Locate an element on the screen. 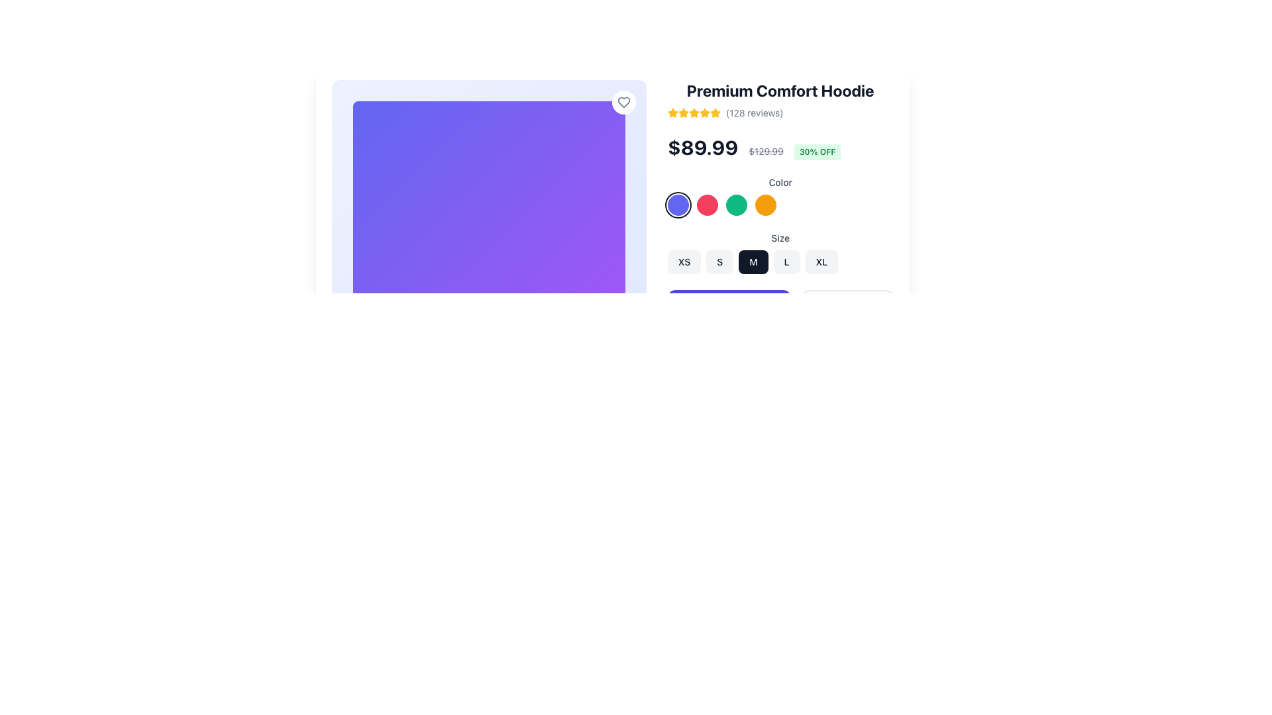  the third orange star icon in the rating system, which is part of a series of five stars indicating a midpoint rating is located at coordinates (693, 112).